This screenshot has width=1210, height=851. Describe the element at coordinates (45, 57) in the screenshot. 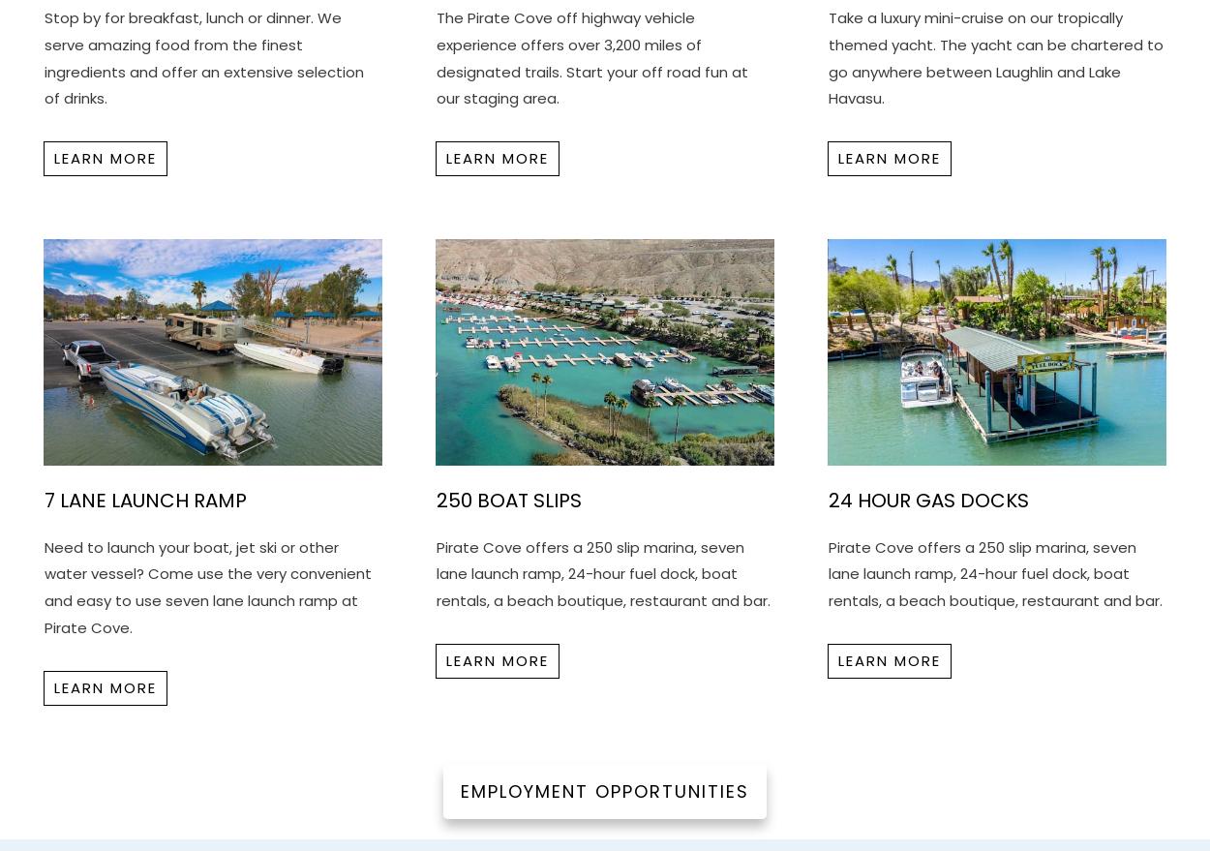

I see `'Stop by for breakfast, lunch or dinner. We serve amazing food from the finest ingredients and offer an extensive selection of drinks.'` at that location.